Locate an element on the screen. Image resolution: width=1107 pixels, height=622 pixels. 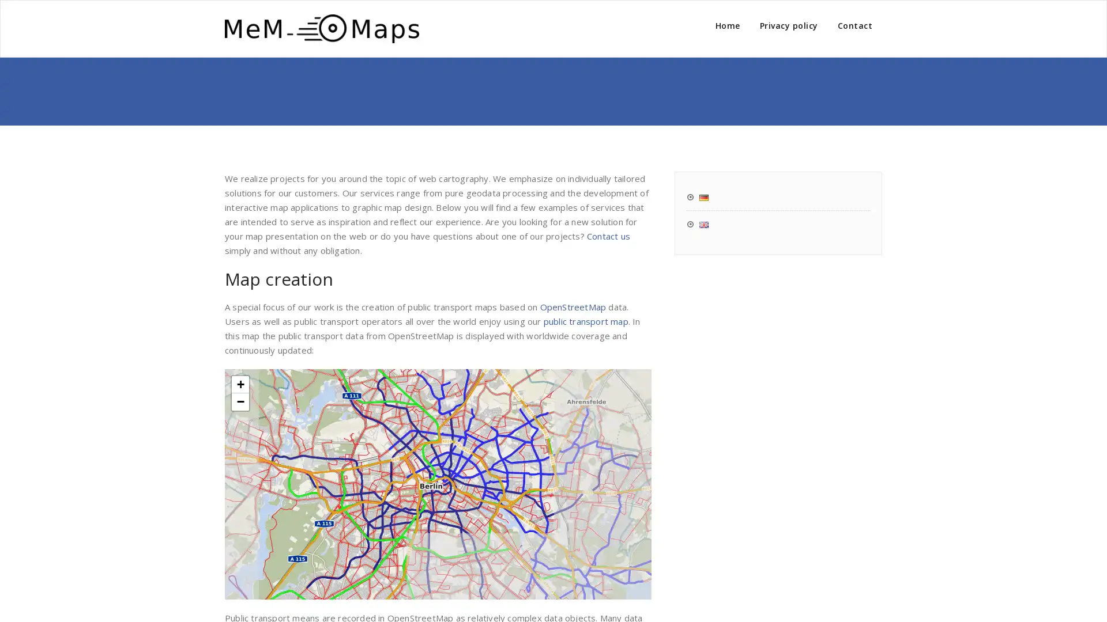
Zoom in is located at coordinates (240, 384).